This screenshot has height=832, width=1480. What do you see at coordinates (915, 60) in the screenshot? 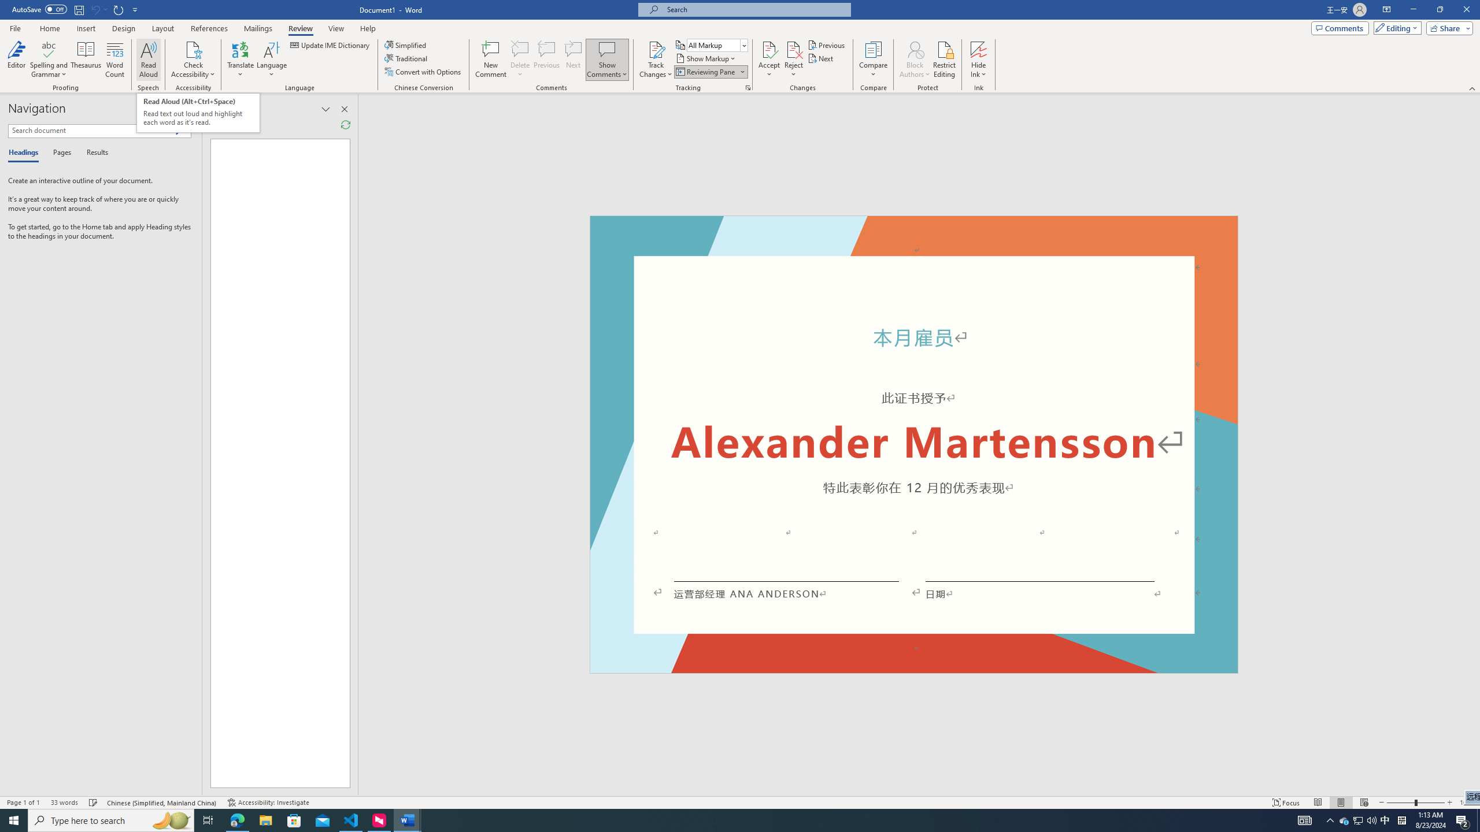
I see `'Block Authors'` at bounding box center [915, 60].